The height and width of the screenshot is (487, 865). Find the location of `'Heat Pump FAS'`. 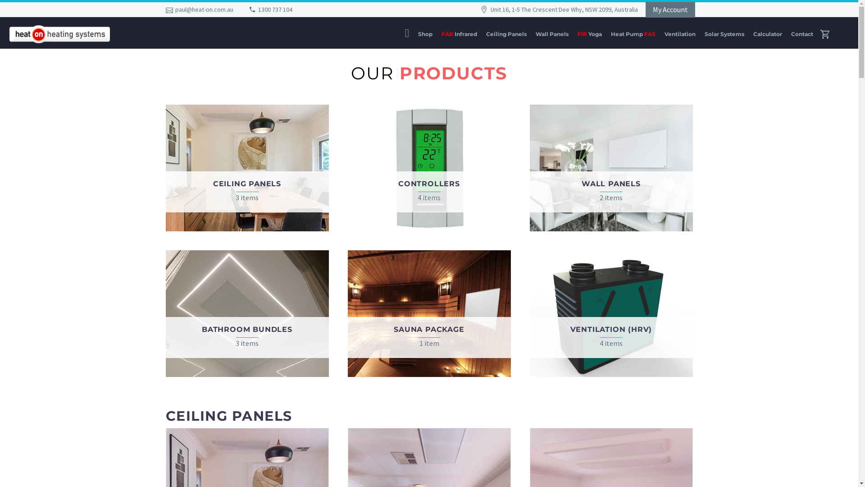

'Heat Pump FAS' is located at coordinates (633, 33).